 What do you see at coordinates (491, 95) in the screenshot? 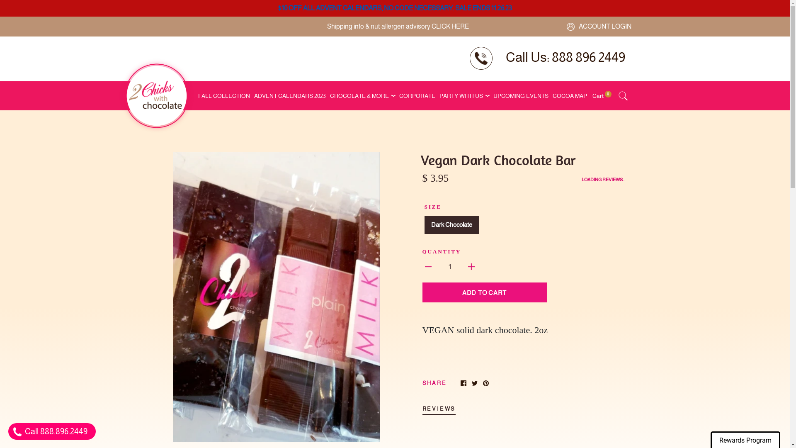
I see `'UPCOMING EVENTS'` at bounding box center [491, 95].